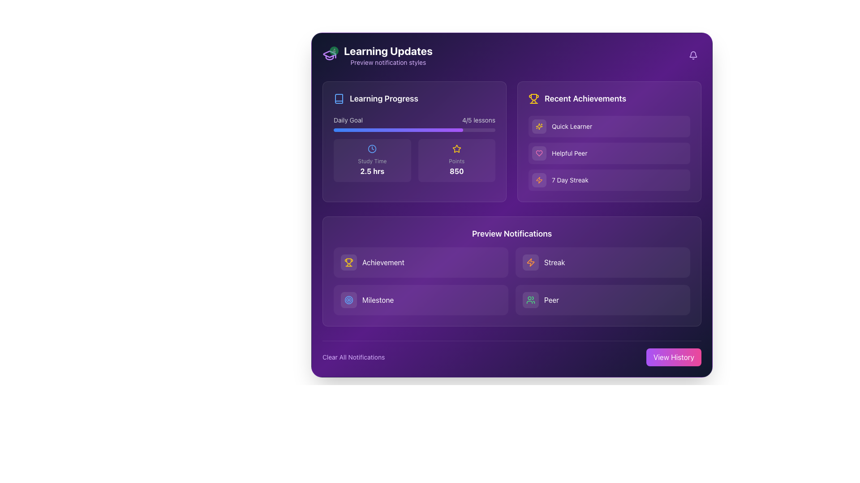 This screenshot has width=860, height=483. What do you see at coordinates (693, 55) in the screenshot?
I see `the Notification Bell icon located in the top-right corner of the interface` at bounding box center [693, 55].